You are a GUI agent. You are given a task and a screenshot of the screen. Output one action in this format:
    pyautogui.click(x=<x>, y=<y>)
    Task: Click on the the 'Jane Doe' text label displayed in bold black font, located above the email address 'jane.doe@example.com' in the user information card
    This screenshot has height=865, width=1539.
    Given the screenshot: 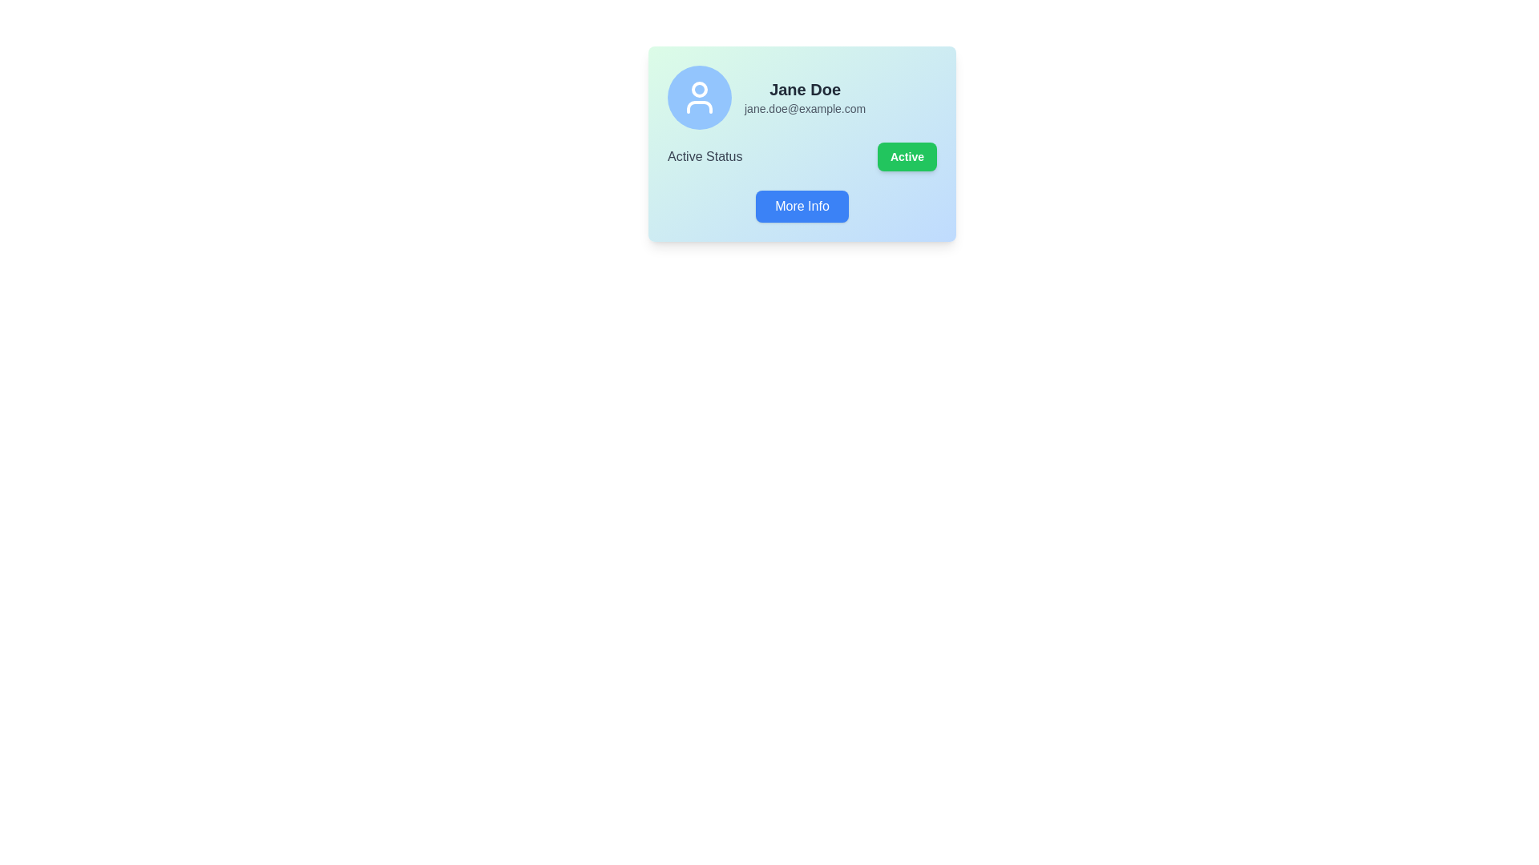 What is the action you would take?
    pyautogui.click(x=805, y=89)
    